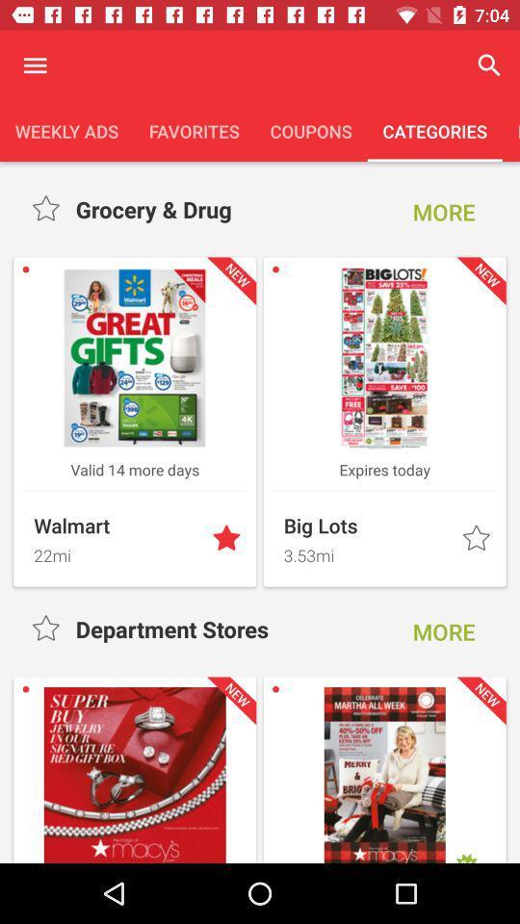 This screenshot has height=924, width=520. I want to click on icon above categories item, so click(489, 65).